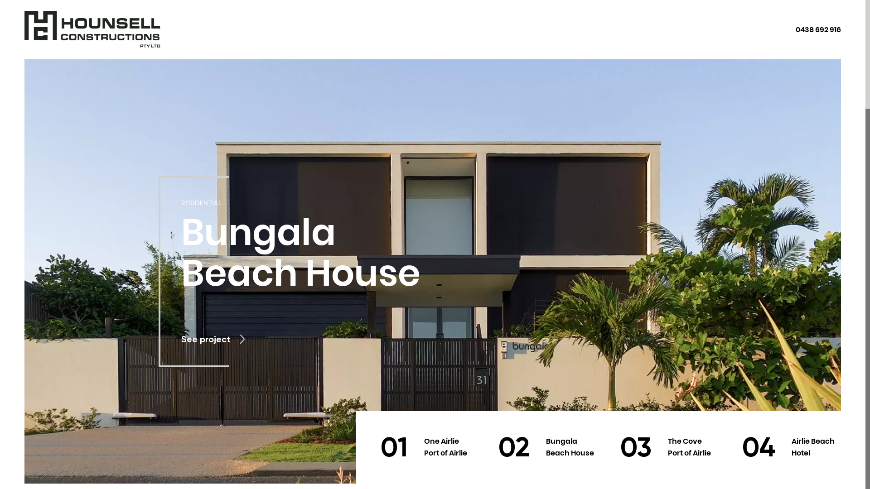 This screenshot has height=489, width=870. Describe the element at coordinates (818, 29) in the screenshot. I see `'0438 692 916'` at that location.